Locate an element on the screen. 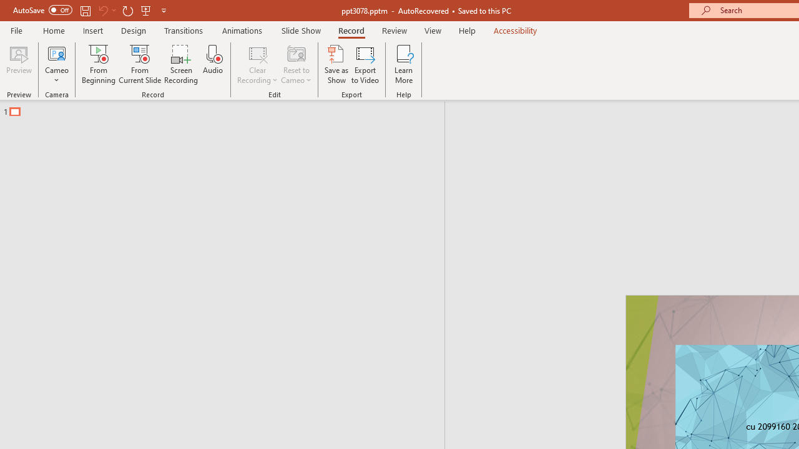 The width and height of the screenshot is (799, 449). 'Screen Recording' is located at coordinates (180, 64).